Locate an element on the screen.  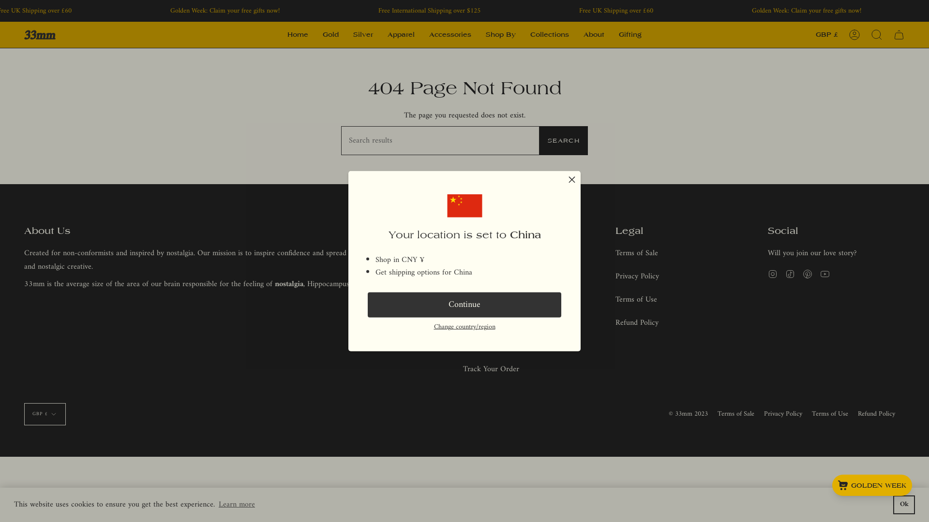
'Shop By' is located at coordinates (501, 34).